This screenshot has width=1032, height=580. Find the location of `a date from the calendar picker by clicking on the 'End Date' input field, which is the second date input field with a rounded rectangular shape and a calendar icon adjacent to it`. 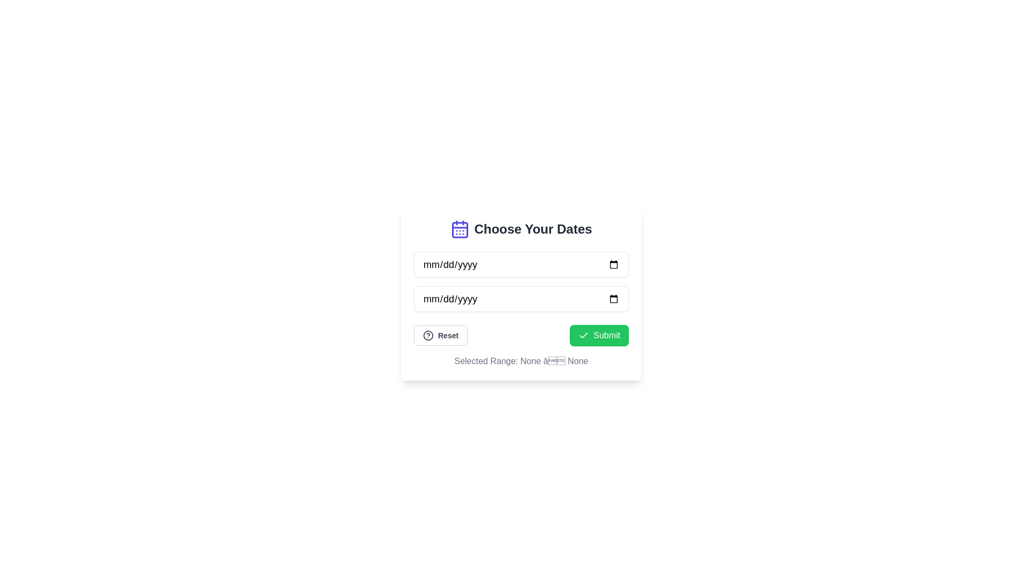

a date from the calendar picker by clicking on the 'End Date' input field, which is the second date input field with a rounded rectangular shape and a calendar icon adjacent to it is located at coordinates (521, 299).